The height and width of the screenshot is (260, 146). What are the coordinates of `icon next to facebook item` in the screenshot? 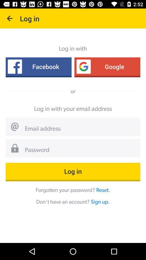 It's located at (107, 66).